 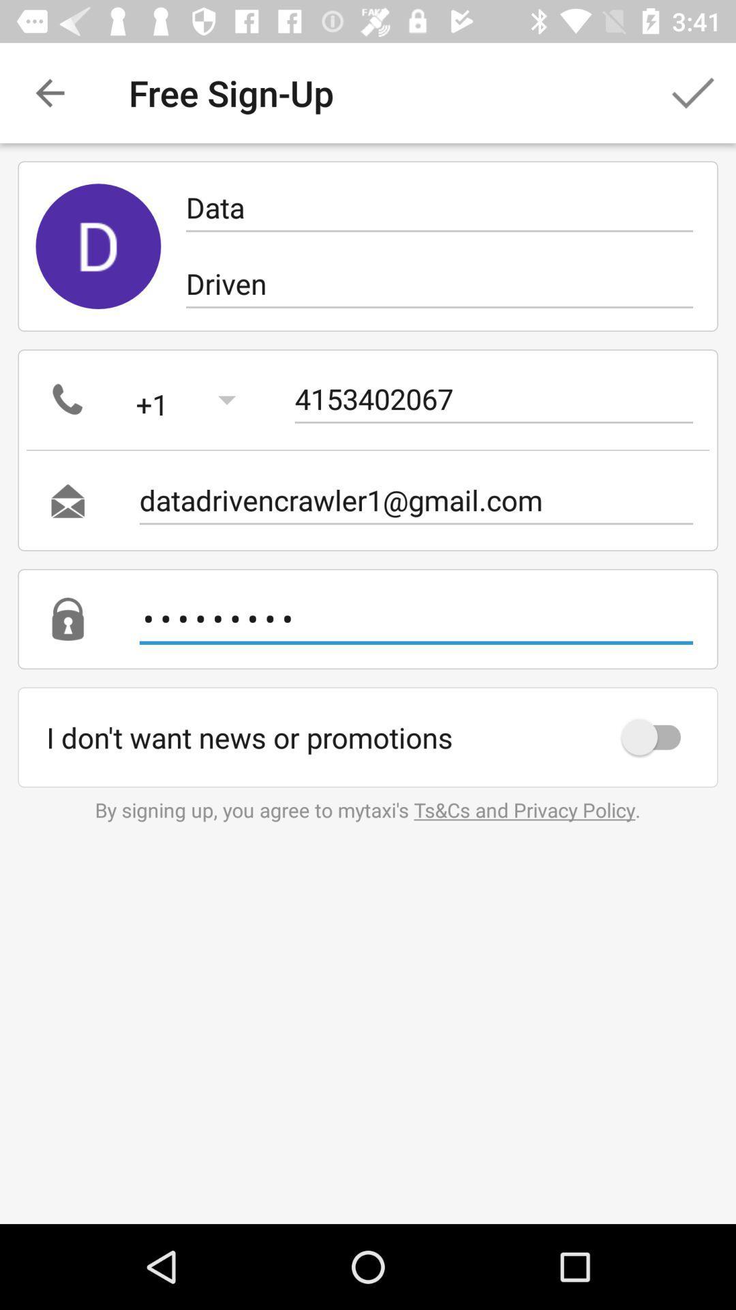 What do you see at coordinates (97, 246) in the screenshot?
I see `icon next to data icon` at bounding box center [97, 246].